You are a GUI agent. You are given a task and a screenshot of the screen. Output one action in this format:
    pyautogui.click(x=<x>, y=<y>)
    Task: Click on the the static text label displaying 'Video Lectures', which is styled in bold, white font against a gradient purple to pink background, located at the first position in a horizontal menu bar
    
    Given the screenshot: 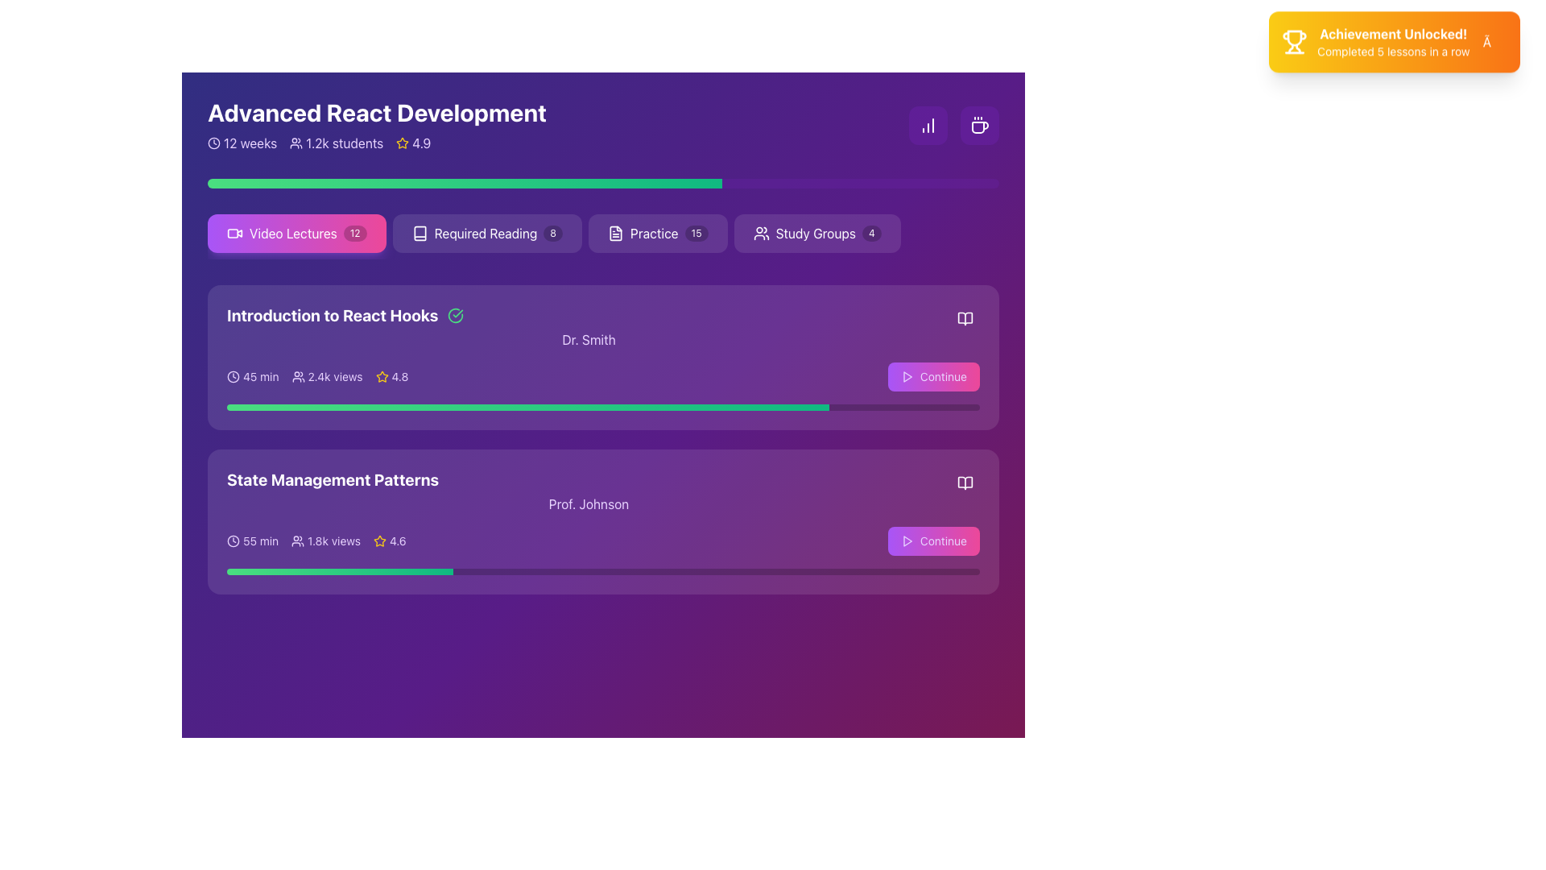 What is the action you would take?
    pyautogui.click(x=293, y=233)
    